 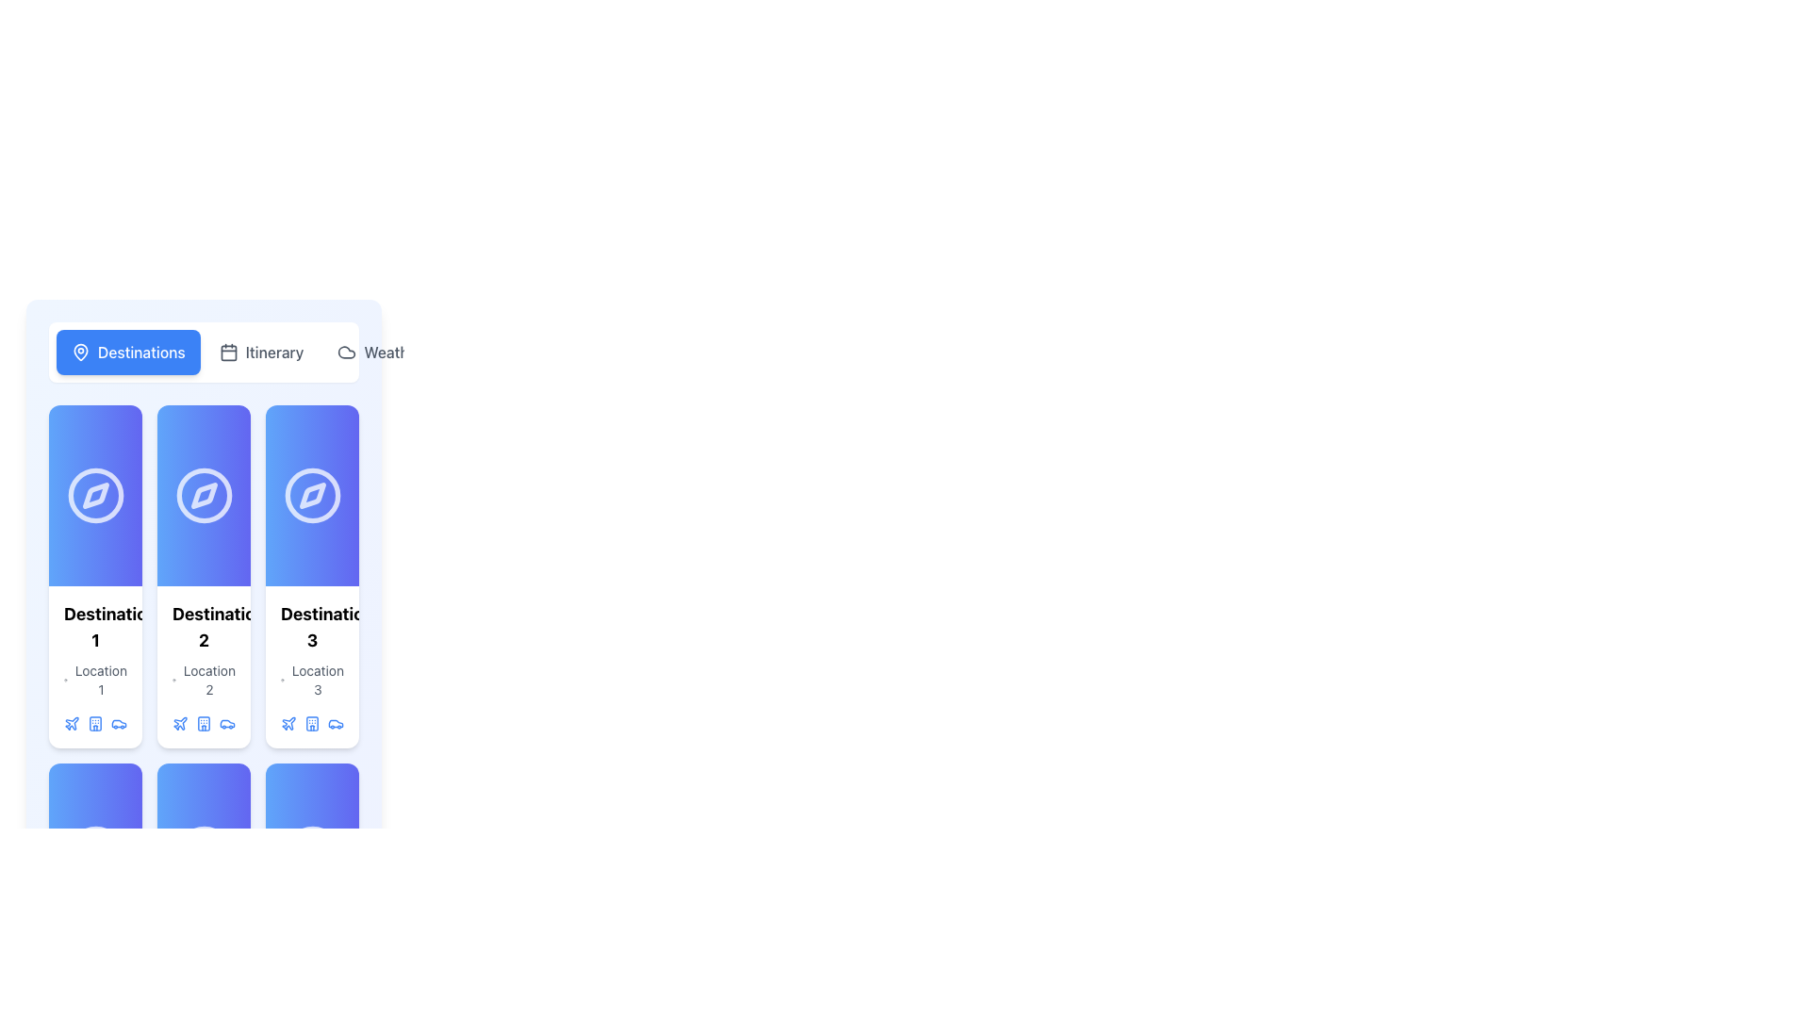 I want to click on the blue airplane icon, which is the first element in a horizontal group of three icons located under the second card displaying the destination information, so click(x=180, y=722).